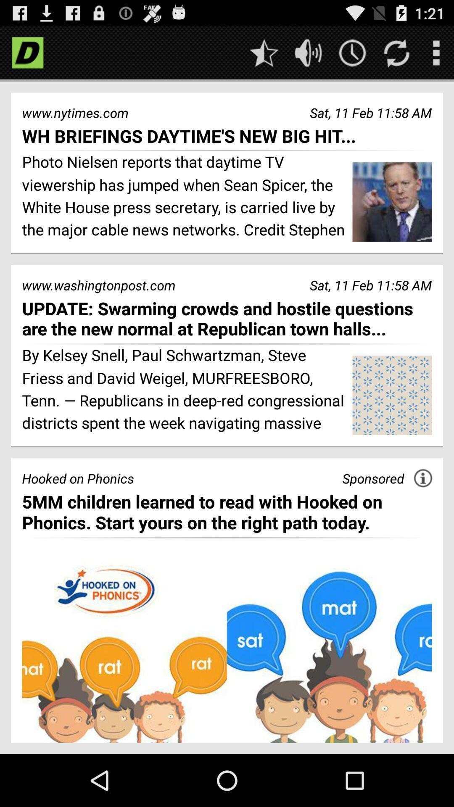  Describe the element at coordinates (227, 136) in the screenshot. I see `the wh briefings daytime app` at that location.